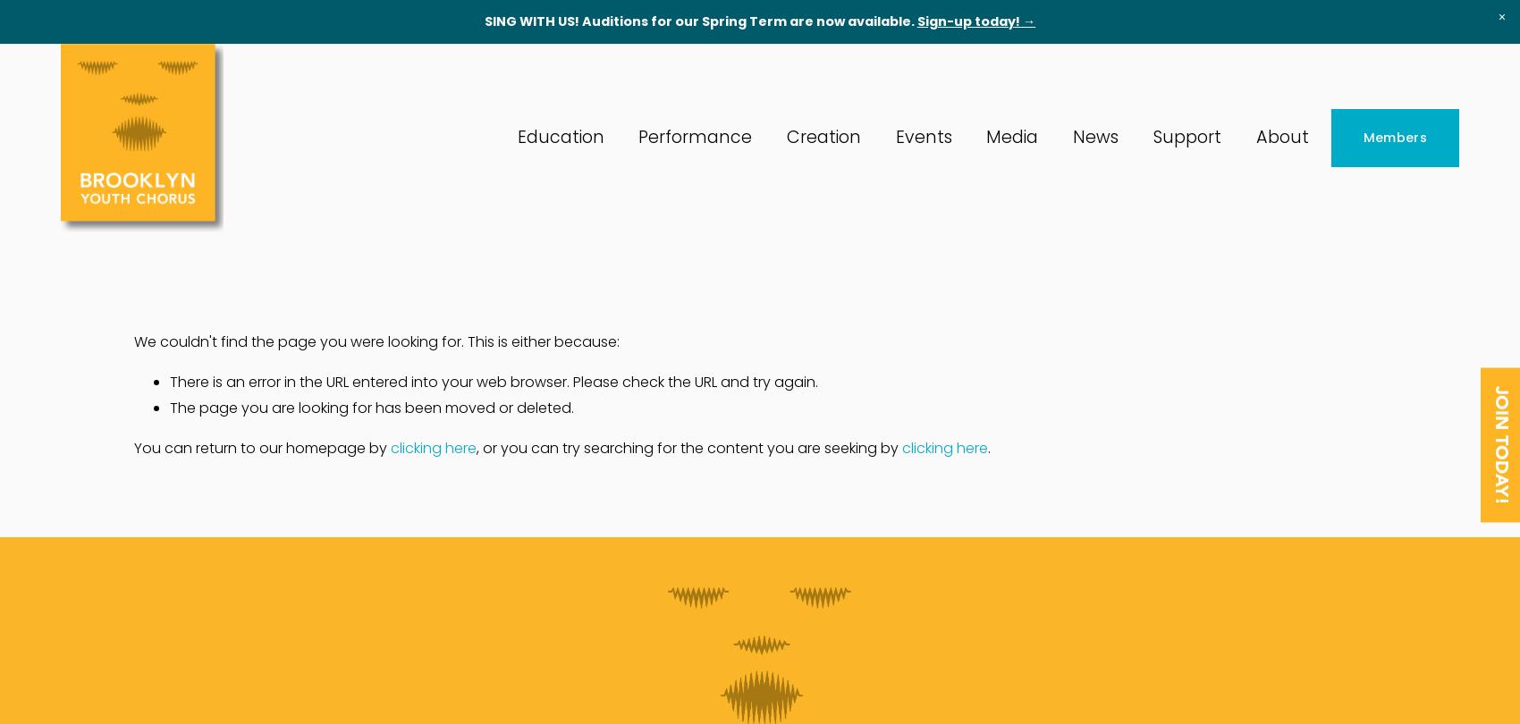  What do you see at coordinates (1094, 137) in the screenshot?
I see `'News'` at bounding box center [1094, 137].